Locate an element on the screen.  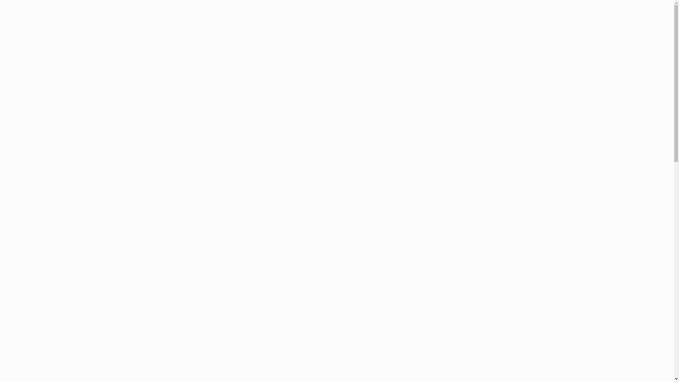
'Blog' is located at coordinates (333, 21).